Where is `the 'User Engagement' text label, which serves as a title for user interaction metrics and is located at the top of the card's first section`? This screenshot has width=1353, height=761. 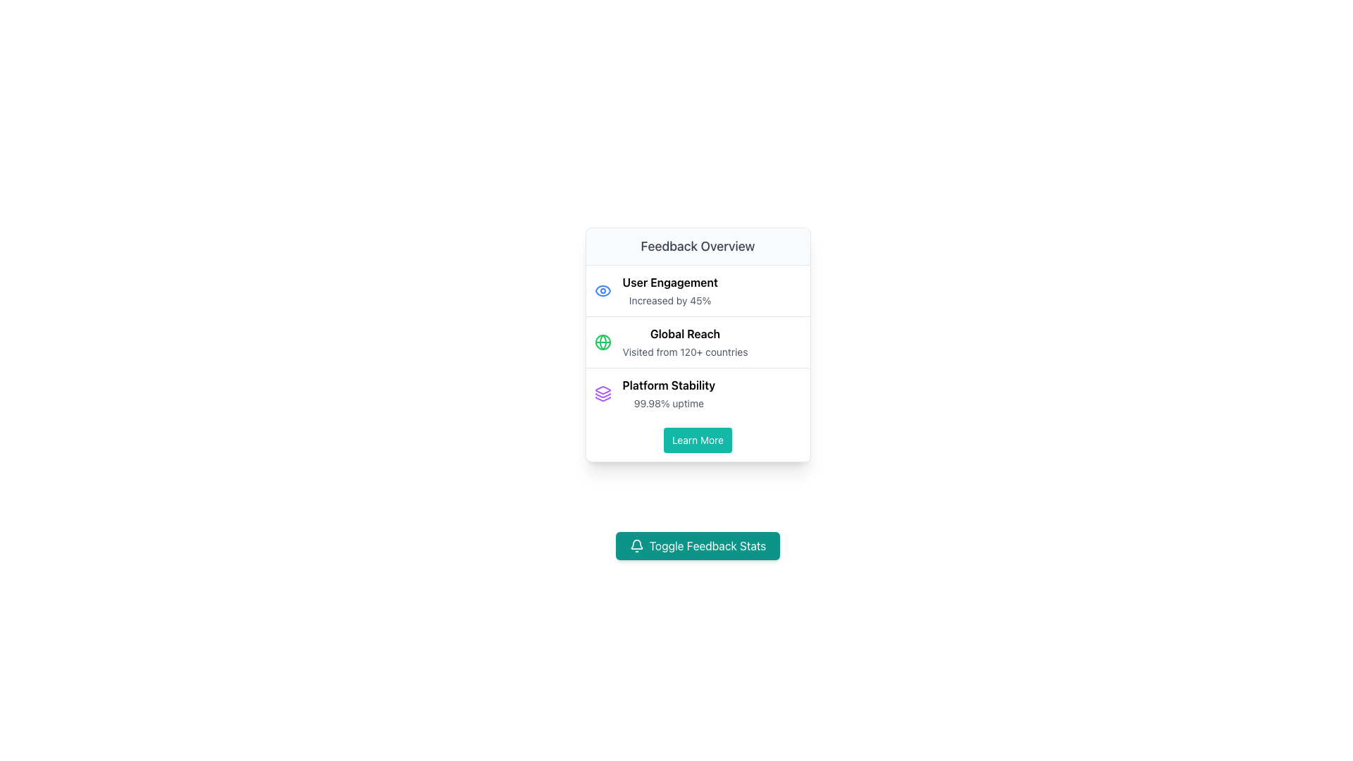 the 'User Engagement' text label, which serves as a title for user interaction metrics and is located at the top of the card's first section is located at coordinates (669, 283).